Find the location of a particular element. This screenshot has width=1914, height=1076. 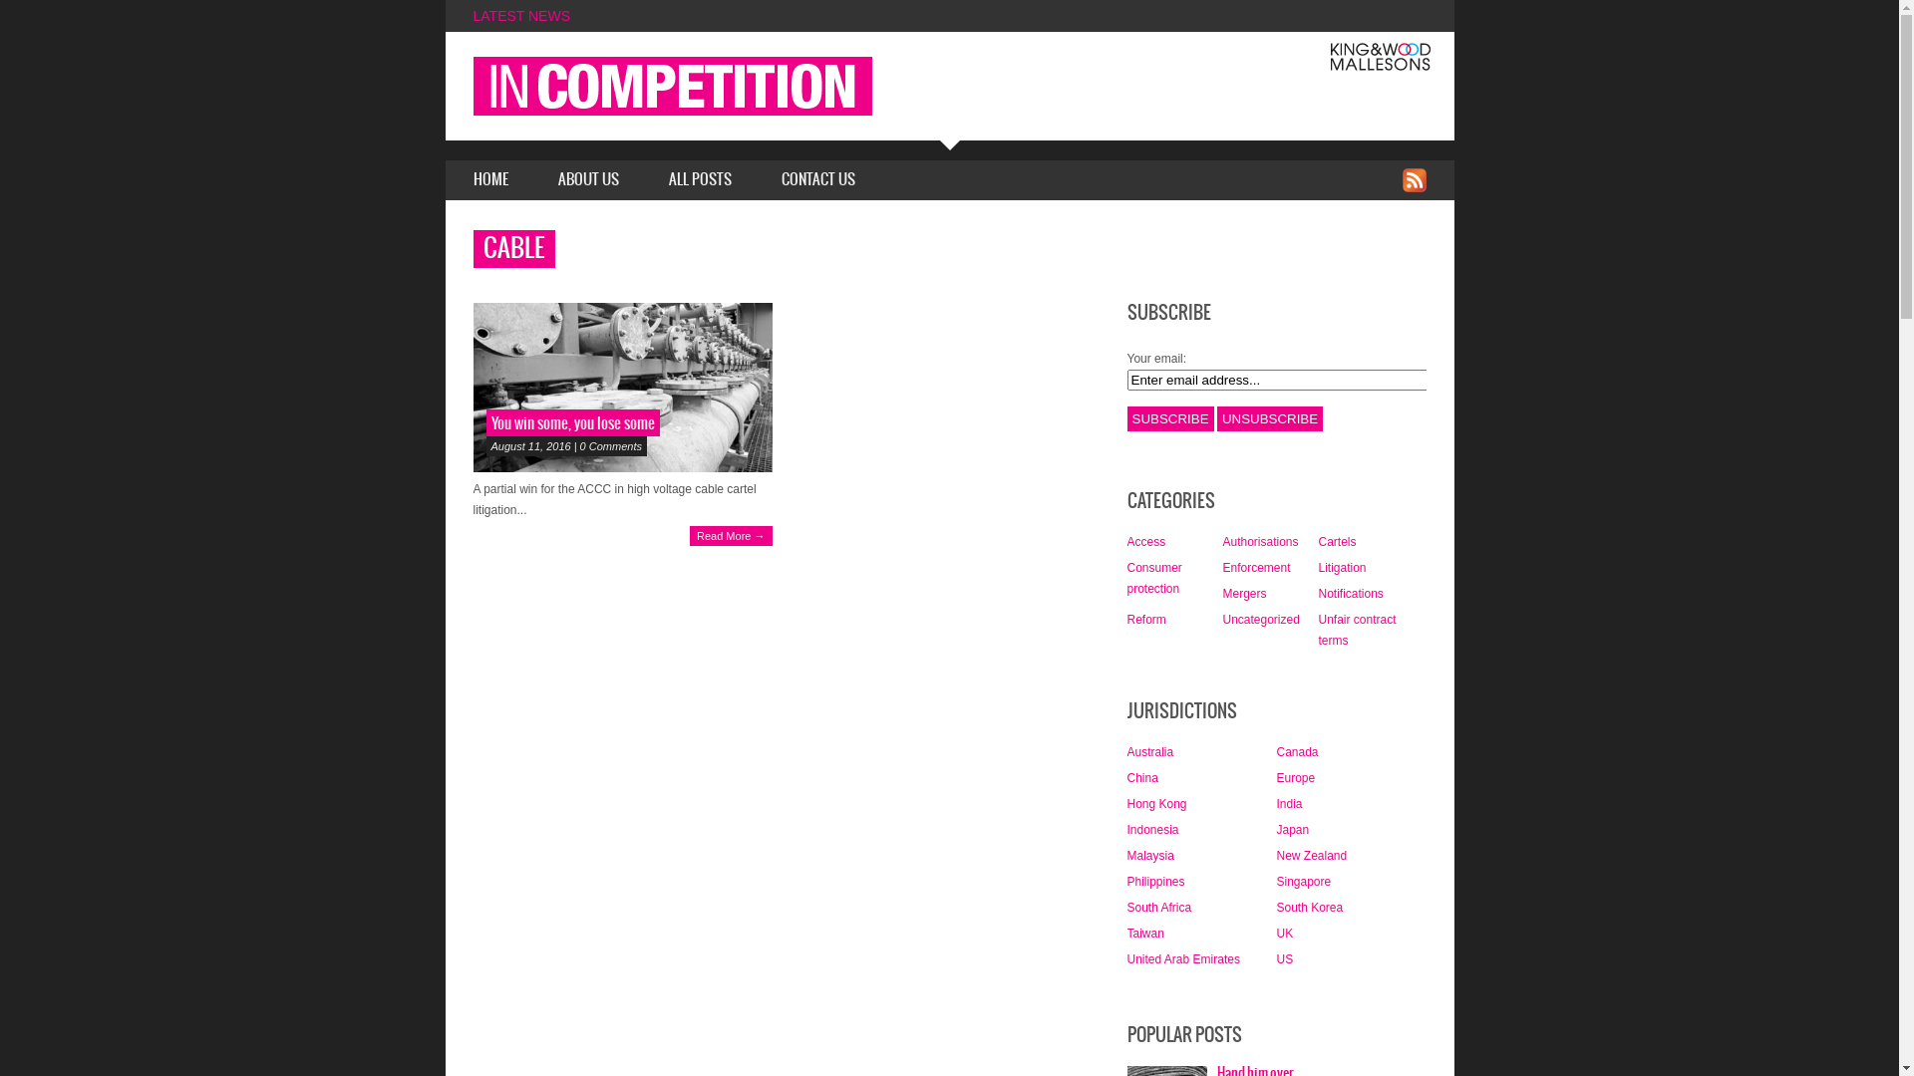

'Mergers' is located at coordinates (1243, 593).